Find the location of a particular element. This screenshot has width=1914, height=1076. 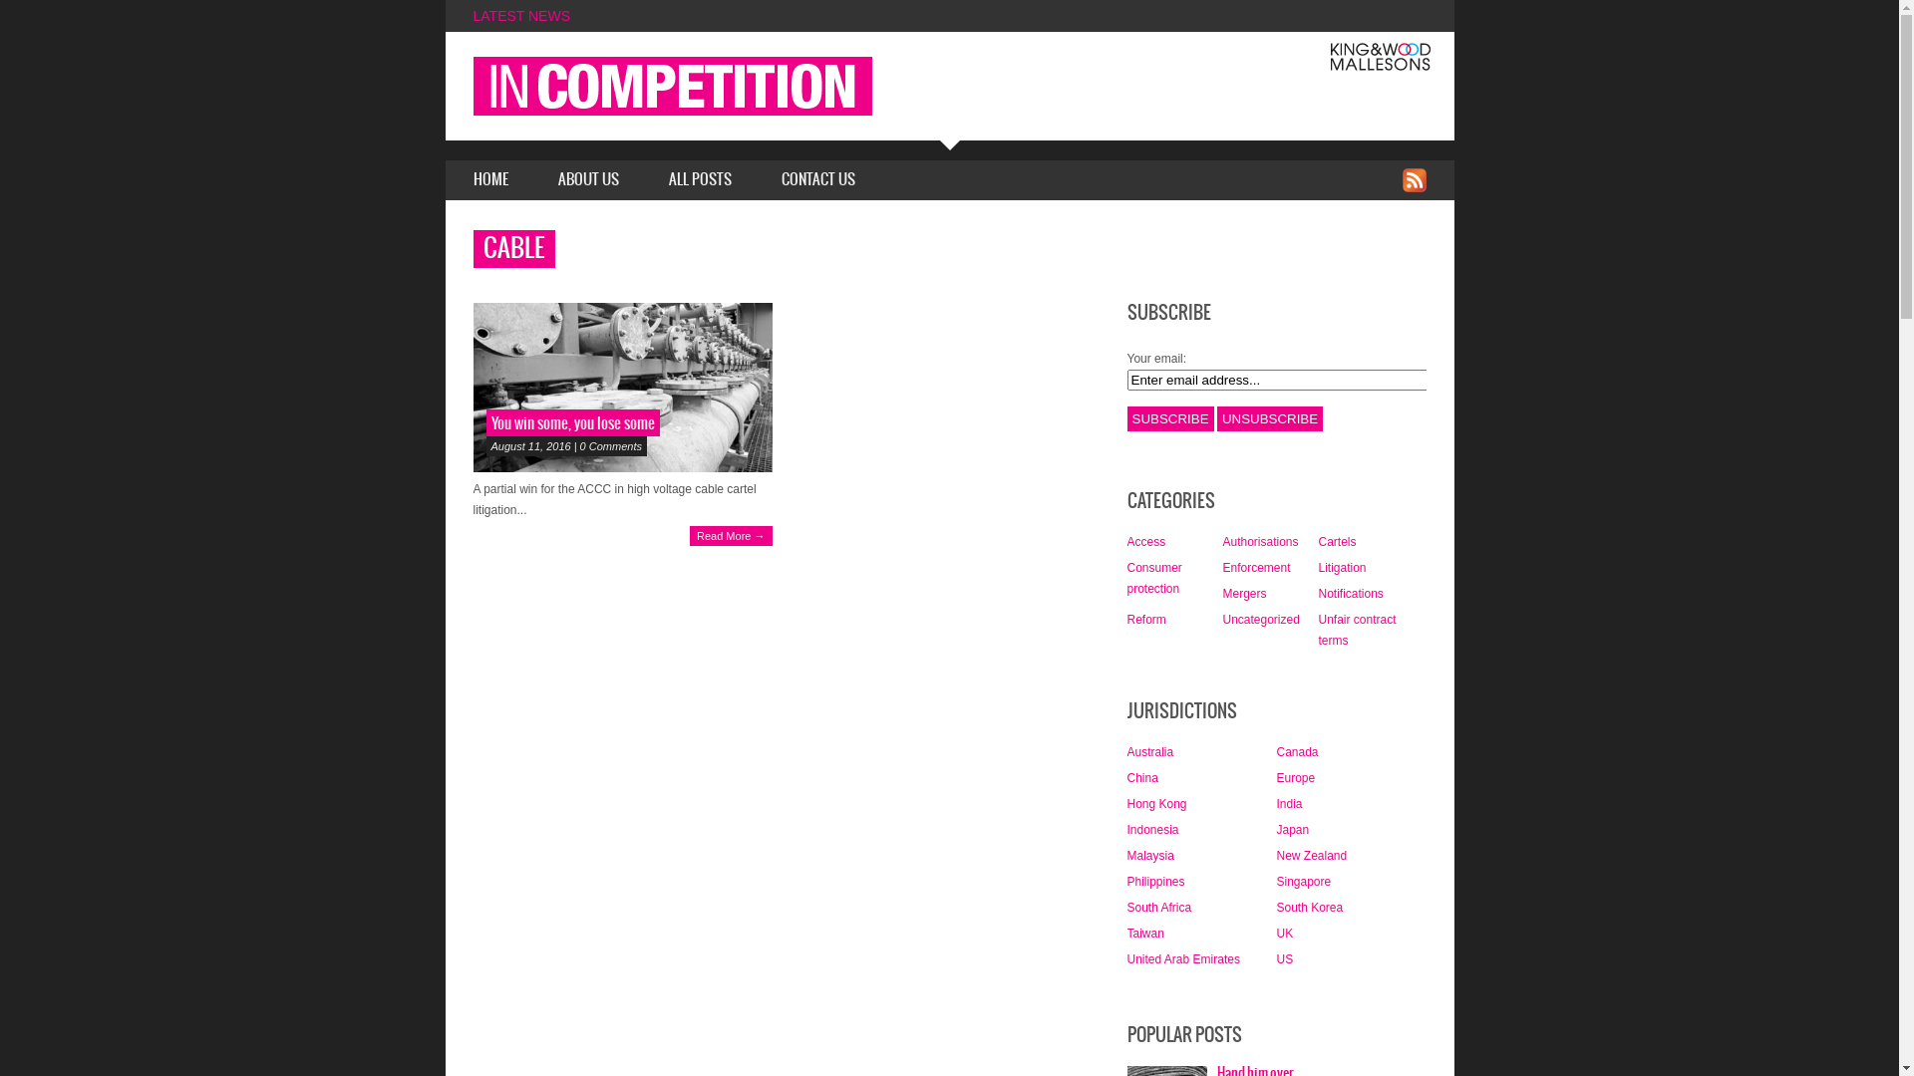

'Mergers' is located at coordinates (1243, 593).